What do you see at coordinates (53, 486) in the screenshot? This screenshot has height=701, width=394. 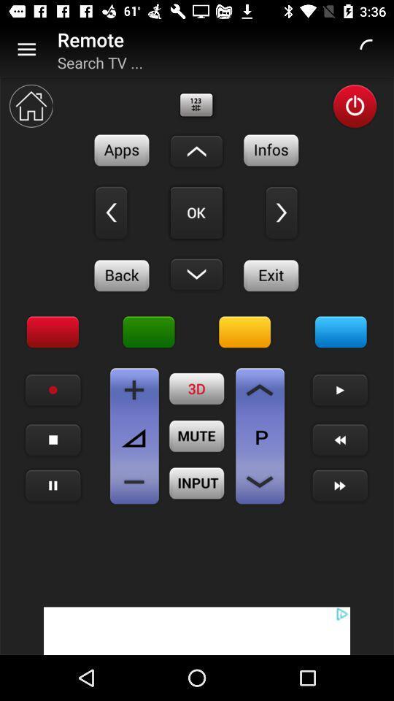 I see `the pause icon` at bounding box center [53, 486].